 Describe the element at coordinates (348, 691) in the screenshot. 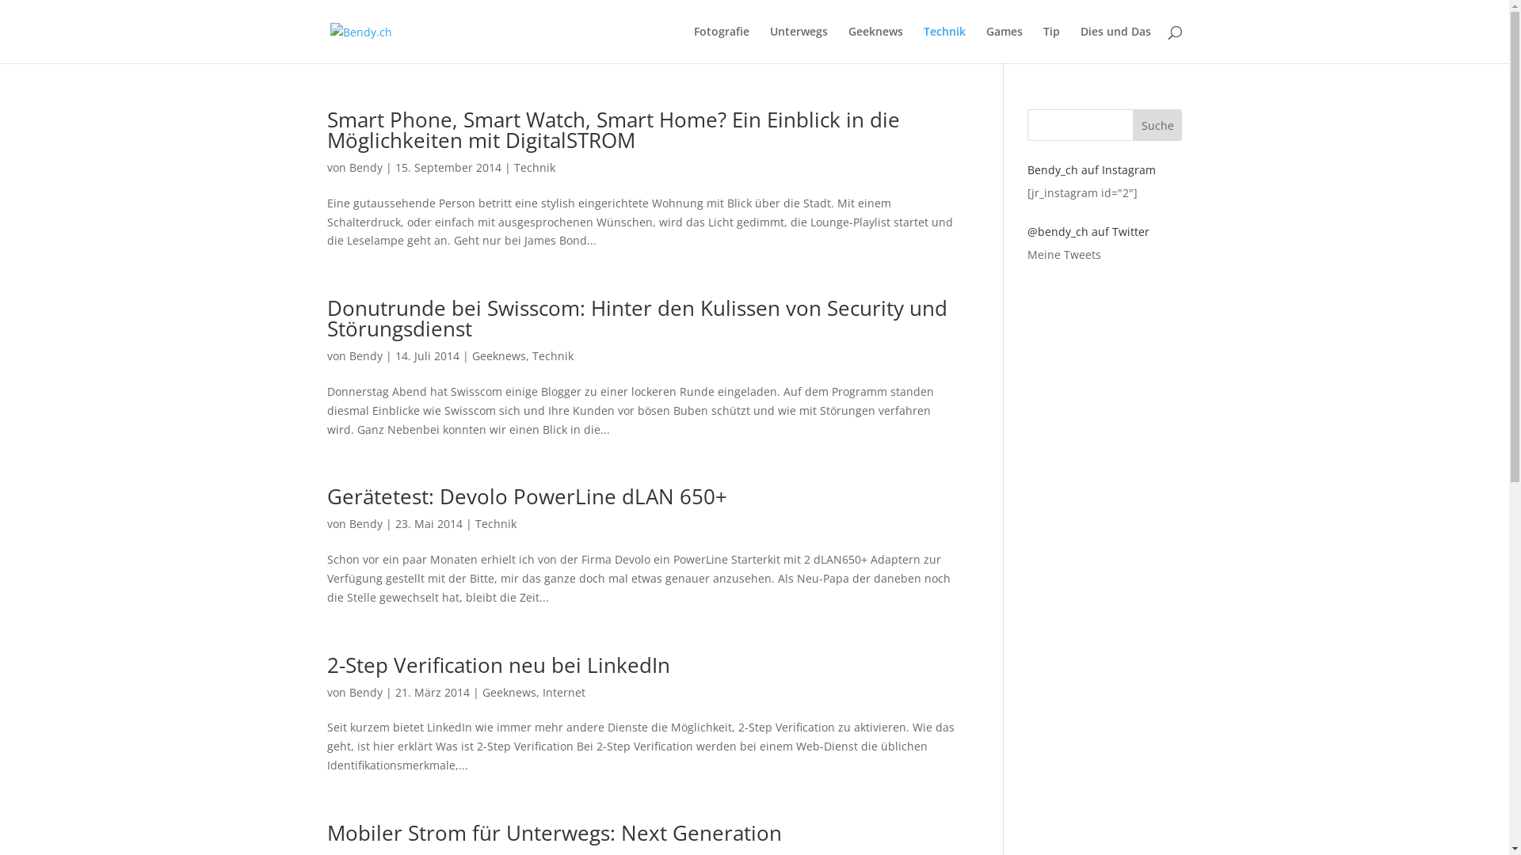

I see `'Bendy'` at that location.